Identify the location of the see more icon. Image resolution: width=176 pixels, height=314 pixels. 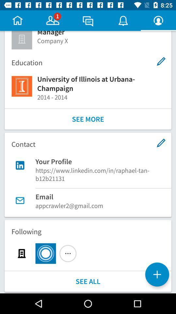
(88, 119).